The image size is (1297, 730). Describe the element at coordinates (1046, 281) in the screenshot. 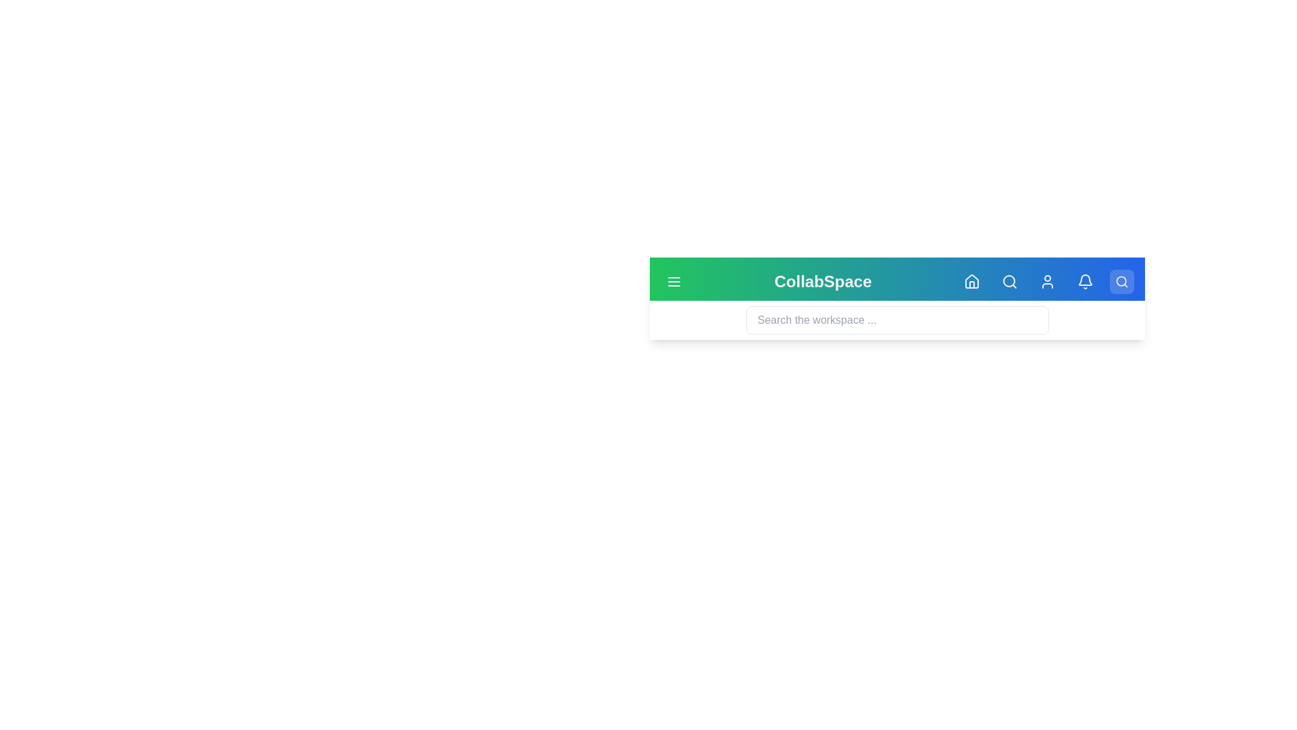

I see `the user profile icon to access the user profile` at that location.